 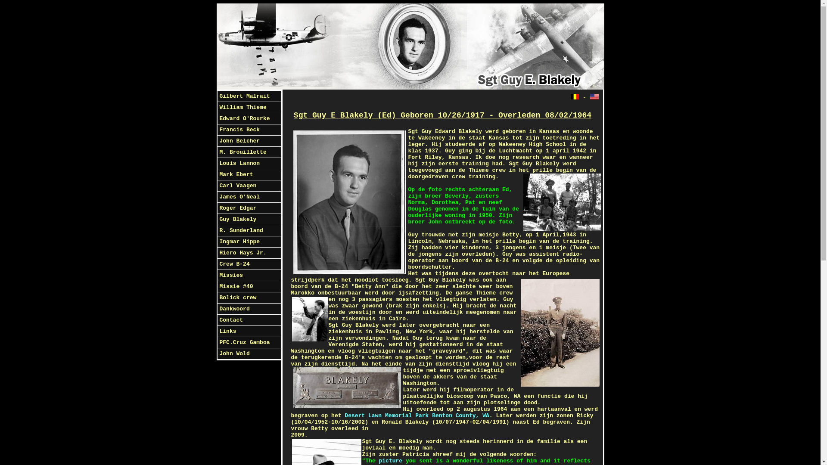 I want to click on 'Roger Edgar', so click(x=248, y=208).